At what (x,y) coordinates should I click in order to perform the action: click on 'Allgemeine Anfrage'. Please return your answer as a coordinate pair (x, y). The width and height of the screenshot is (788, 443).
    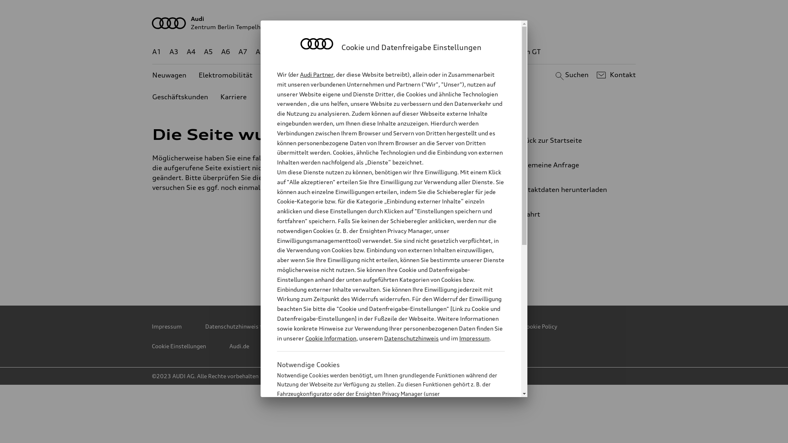
    Looking at the image, I should click on (564, 164).